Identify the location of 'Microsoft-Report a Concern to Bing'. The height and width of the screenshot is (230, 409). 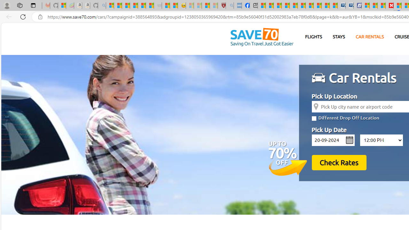
(62, 5).